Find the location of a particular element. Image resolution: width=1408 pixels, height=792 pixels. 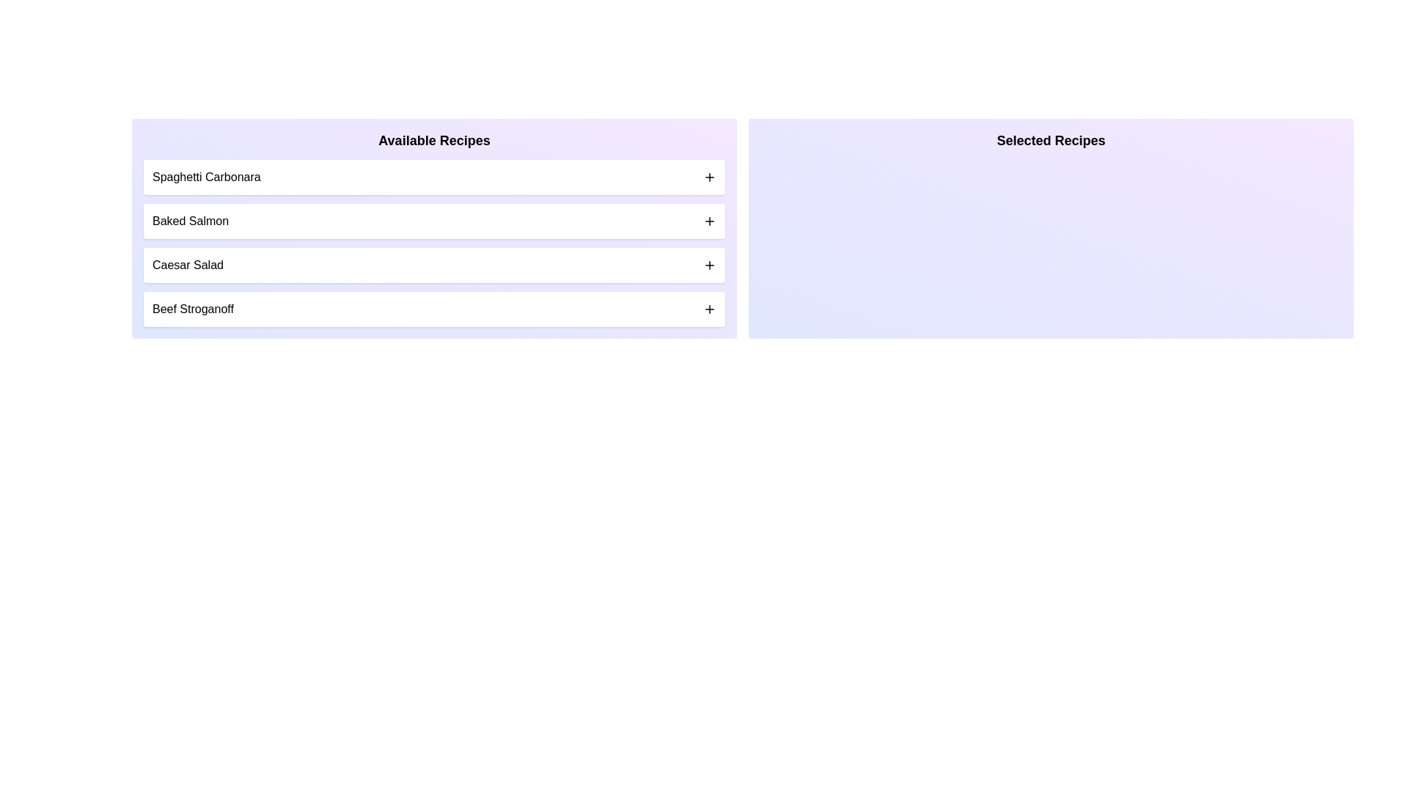

'+' button next to Caesar Salad to add it to the selected list is located at coordinates (710, 265).